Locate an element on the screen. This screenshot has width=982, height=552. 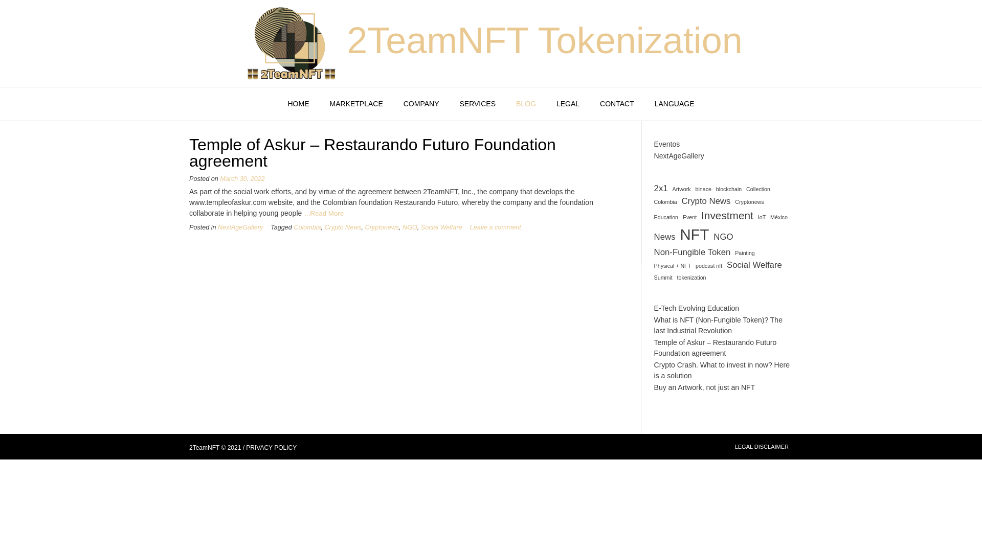
'Investment' is located at coordinates (726, 215).